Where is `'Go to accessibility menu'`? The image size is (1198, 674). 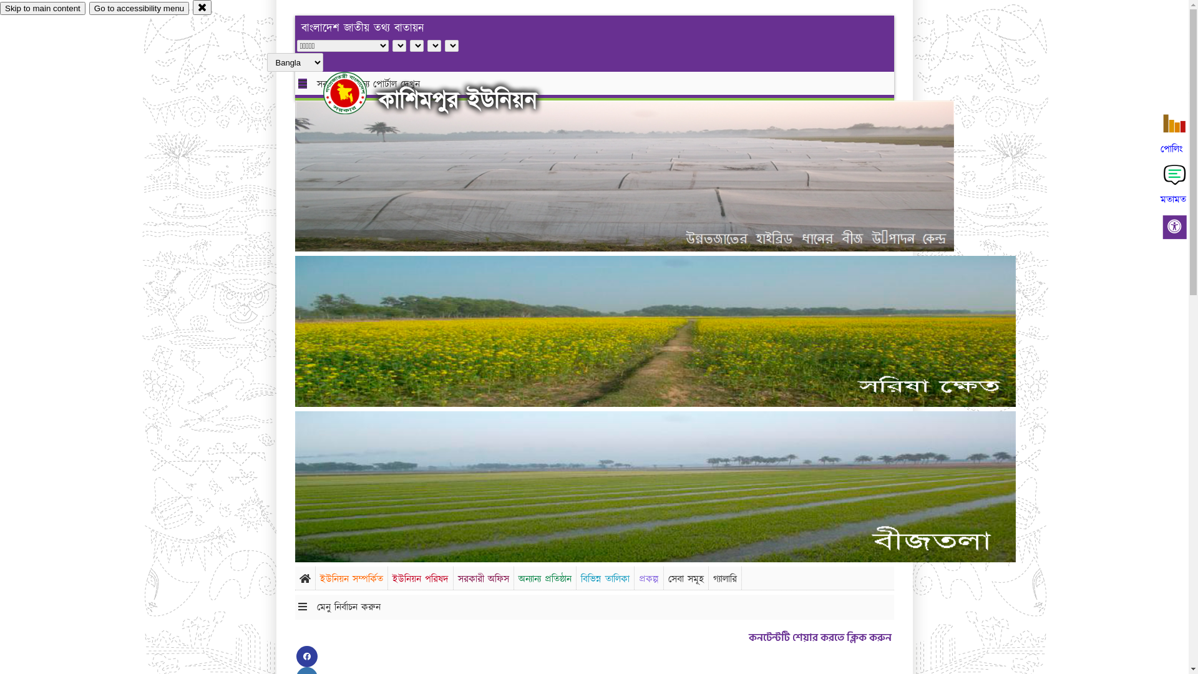 'Go to accessibility menu' is located at coordinates (139, 8).